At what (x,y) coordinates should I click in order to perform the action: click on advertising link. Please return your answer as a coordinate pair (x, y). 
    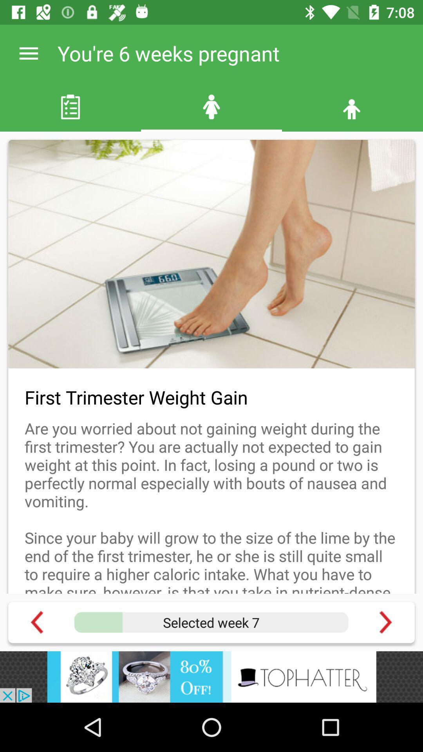
    Looking at the image, I should click on (211, 676).